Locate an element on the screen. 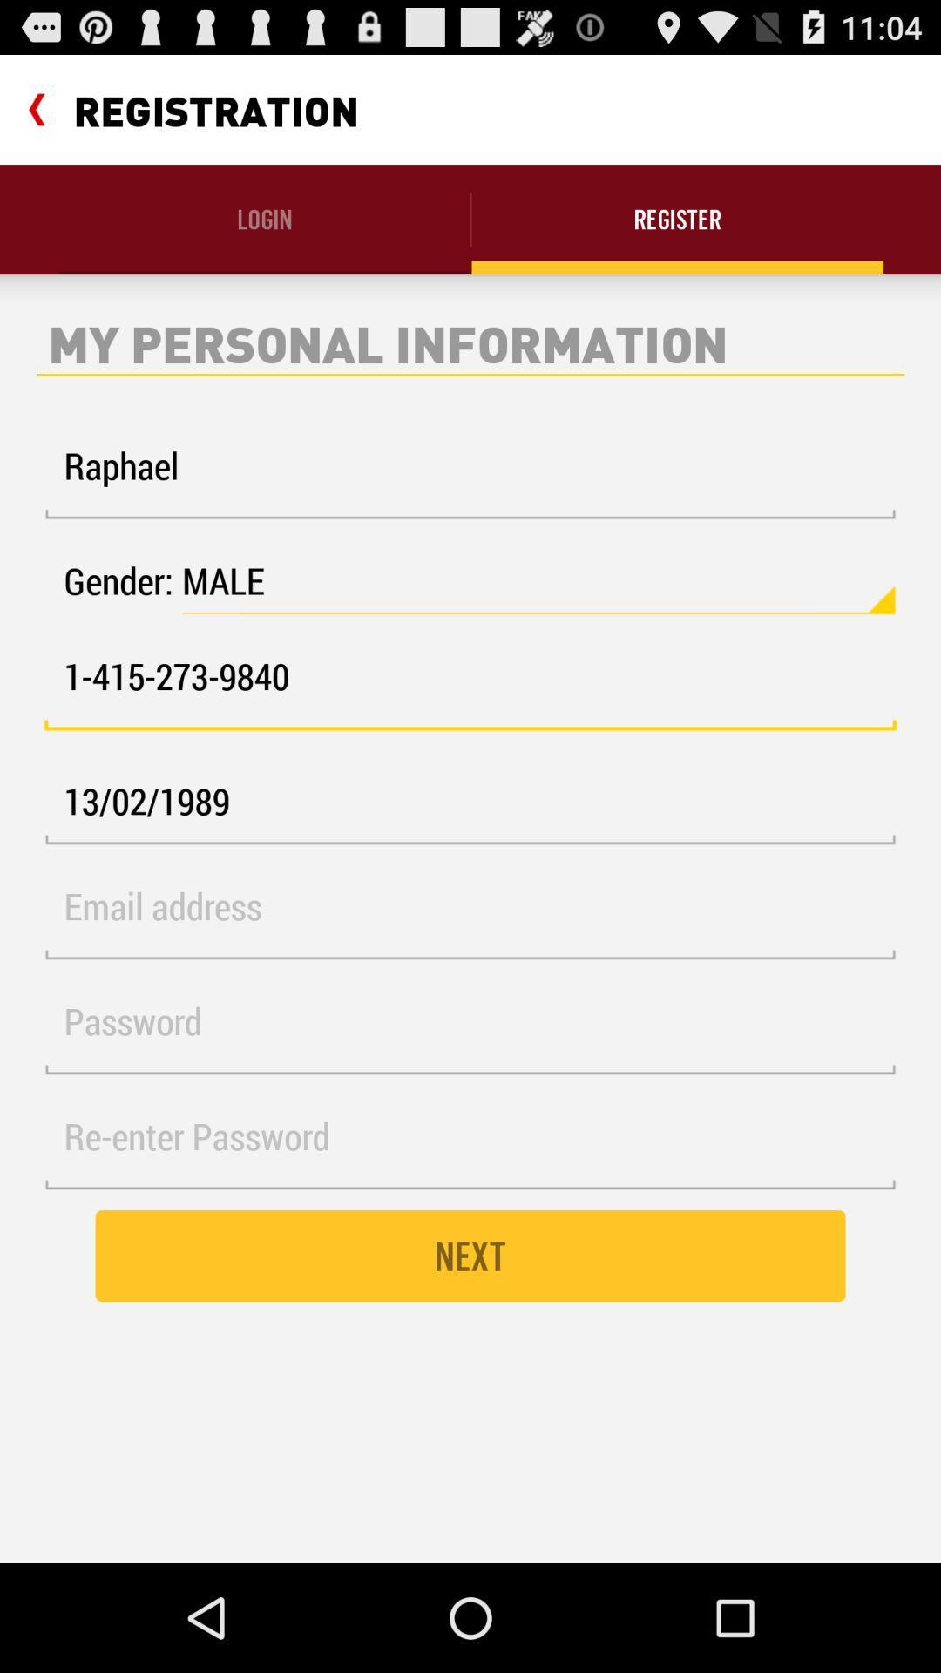 This screenshot has height=1673, width=941. the male is located at coordinates (538, 581).